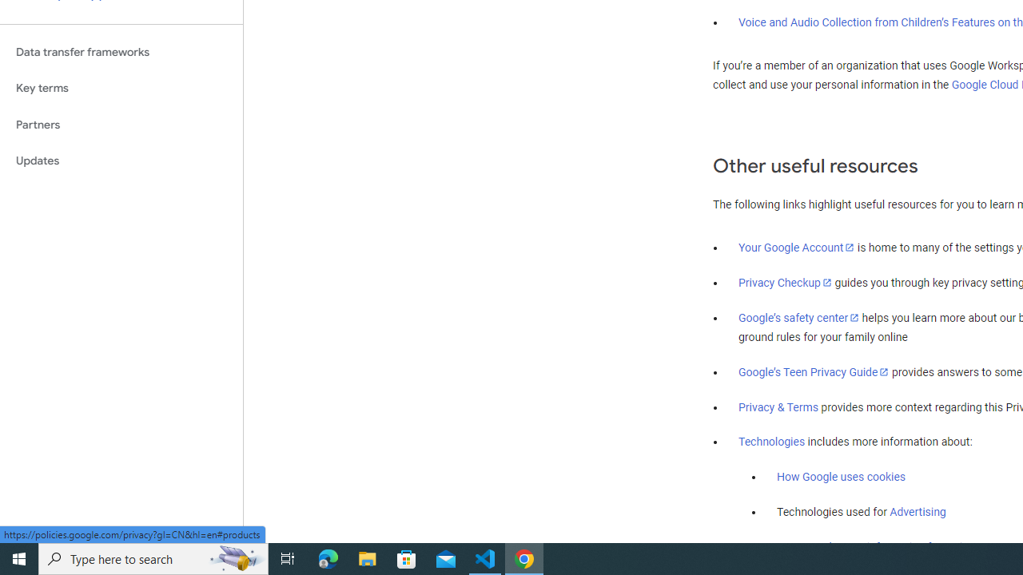 The image size is (1023, 575). Describe the element at coordinates (121, 161) in the screenshot. I see `'Updates'` at that location.